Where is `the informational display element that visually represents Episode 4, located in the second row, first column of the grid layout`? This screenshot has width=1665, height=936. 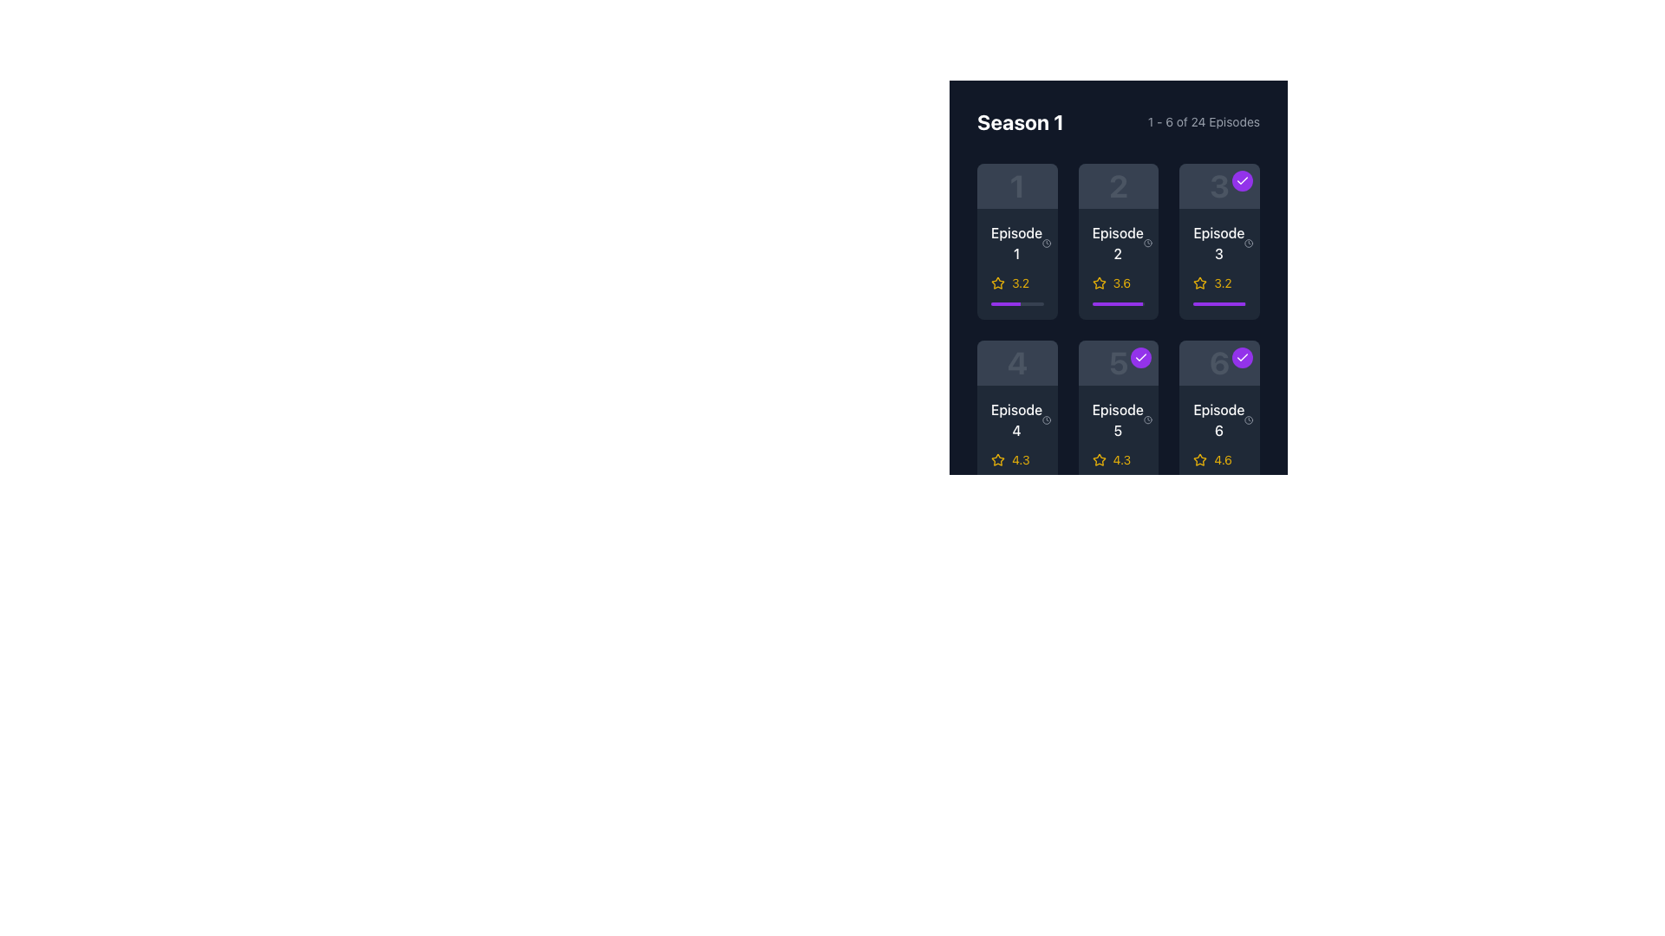 the informational display element that visually represents Episode 4, located in the second row, first column of the grid layout is located at coordinates (1017, 362).